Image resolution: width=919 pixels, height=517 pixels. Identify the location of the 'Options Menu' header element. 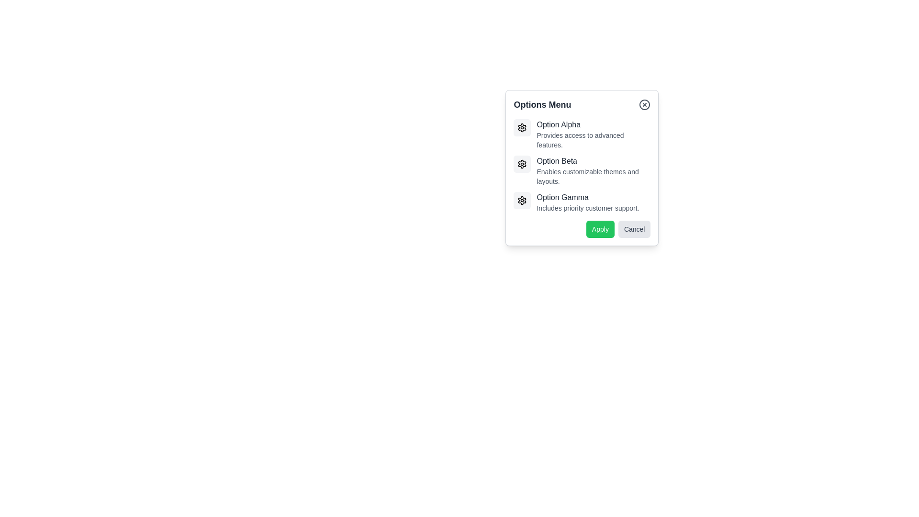
(582, 105).